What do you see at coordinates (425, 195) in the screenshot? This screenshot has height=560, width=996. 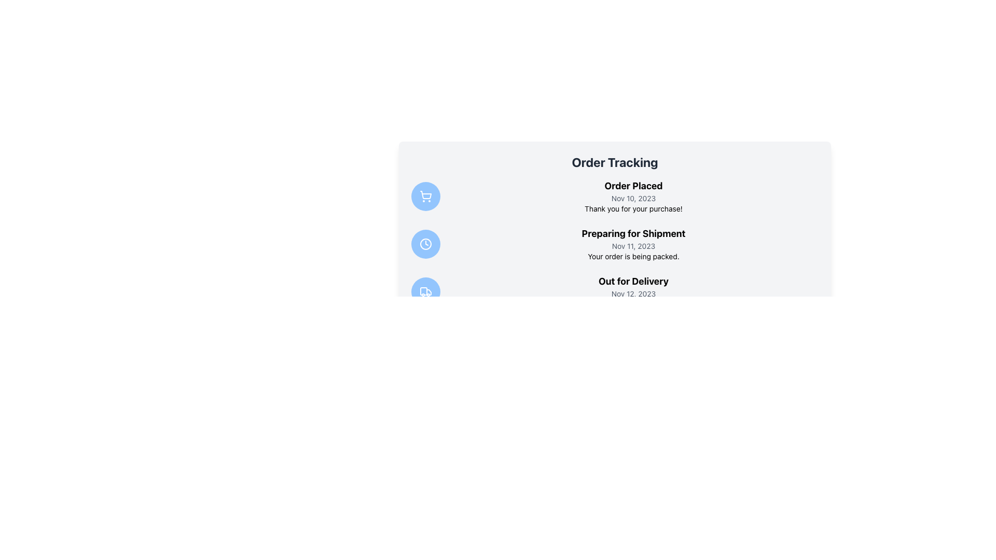 I see `the 'Order Placed' status icon, which is the topmost element in the vertical list of icons on the left side of the order tracking interface` at bounding box center [425, 195].